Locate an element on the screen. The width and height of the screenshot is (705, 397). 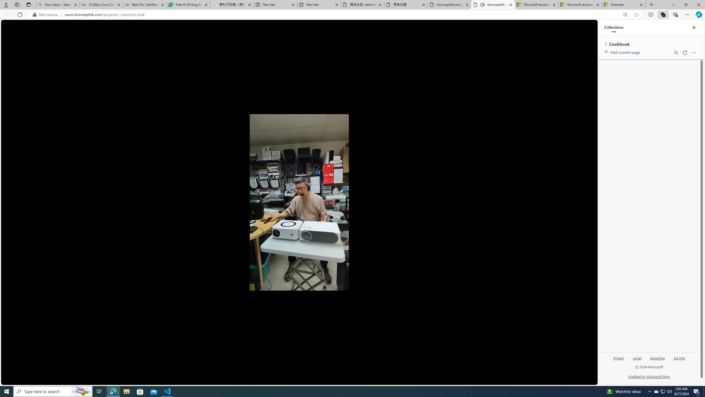
'Not secure' is located at coordinates (46, 15).